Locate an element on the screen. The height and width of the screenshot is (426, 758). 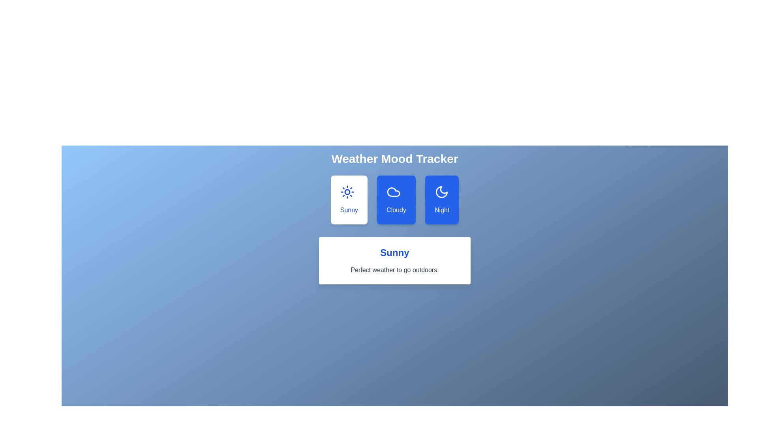
the weather option Cloudy to activate it is located at coordinates (396, 199).